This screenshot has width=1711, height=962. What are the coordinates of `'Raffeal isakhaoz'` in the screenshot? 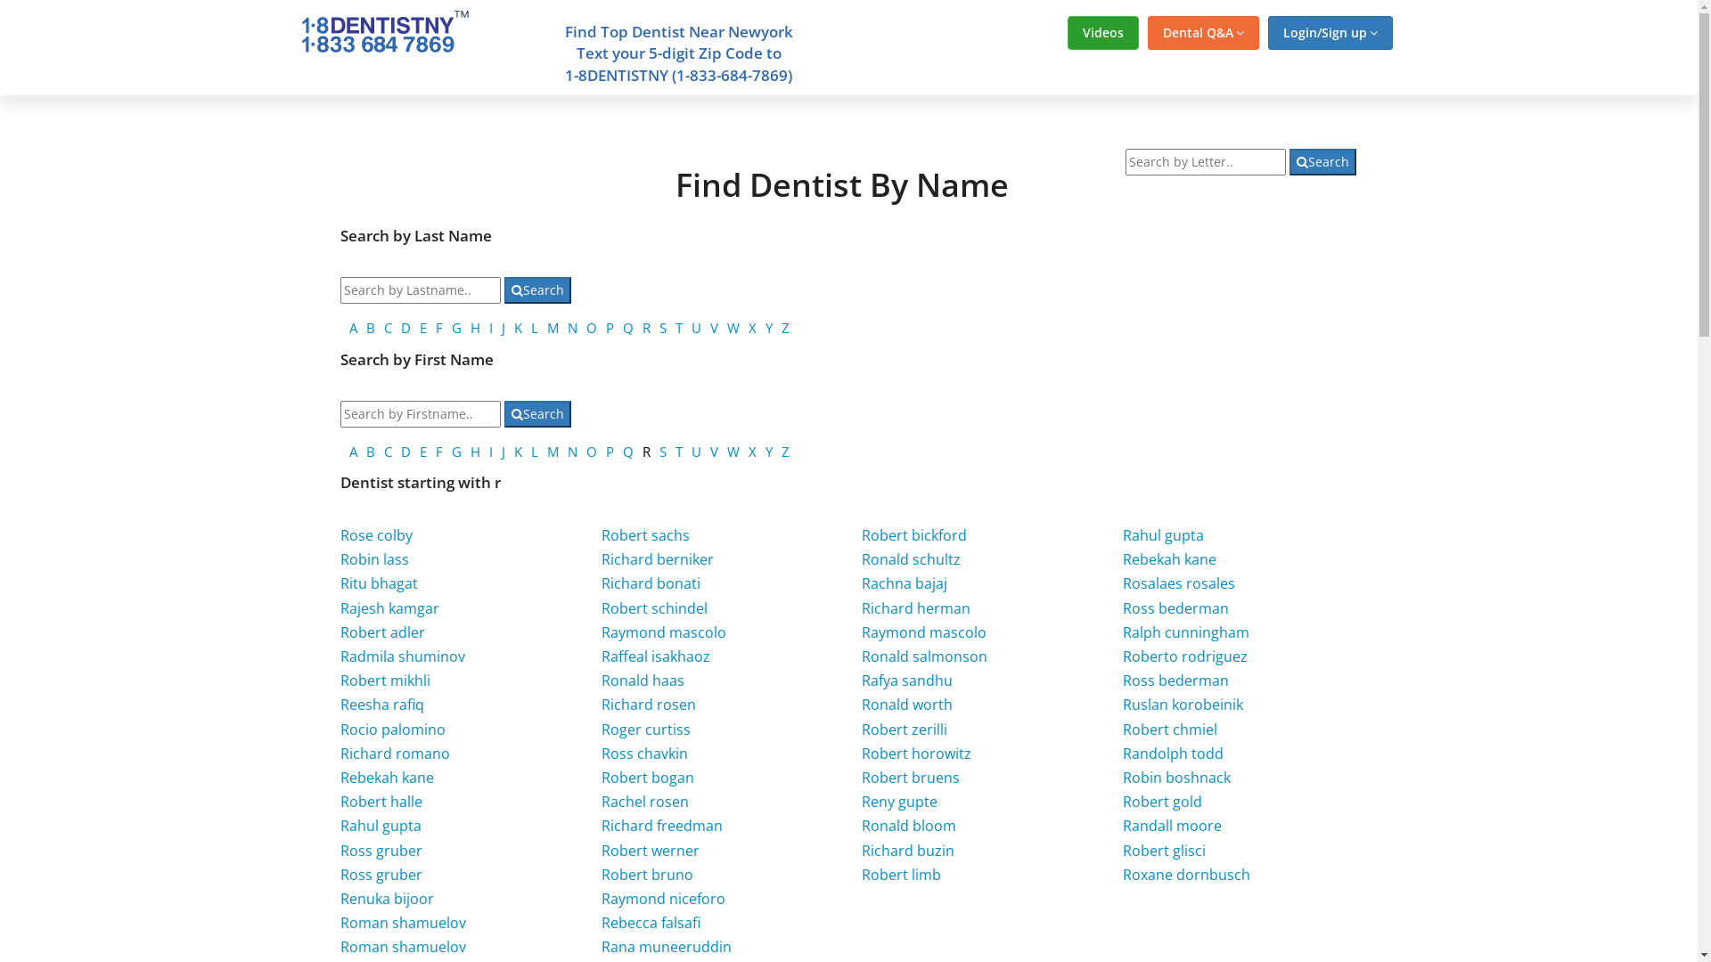 It's located at (654, 656).